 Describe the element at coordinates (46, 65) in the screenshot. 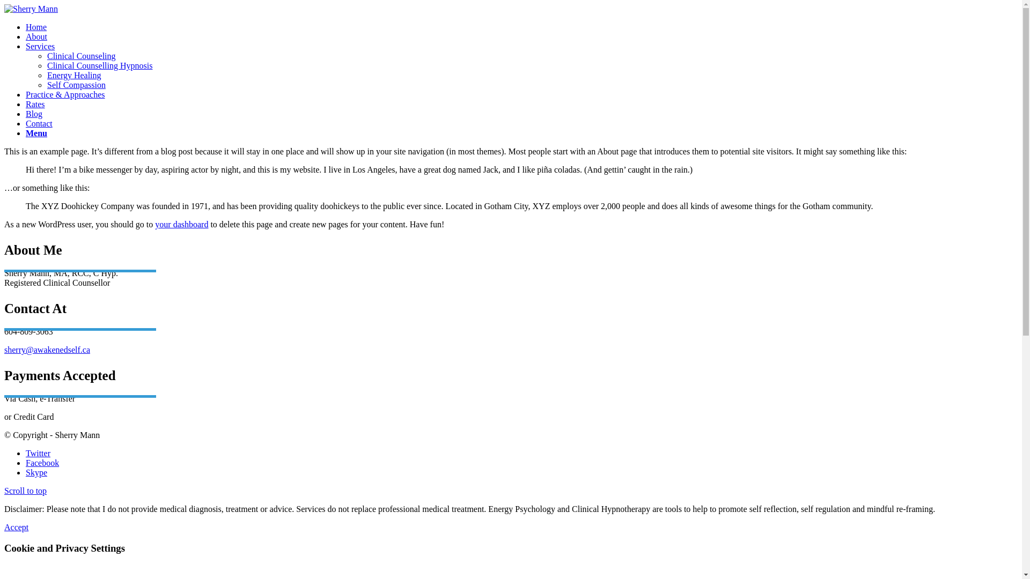

I see `'Clinical Counselling Hypnosis'` at that location.